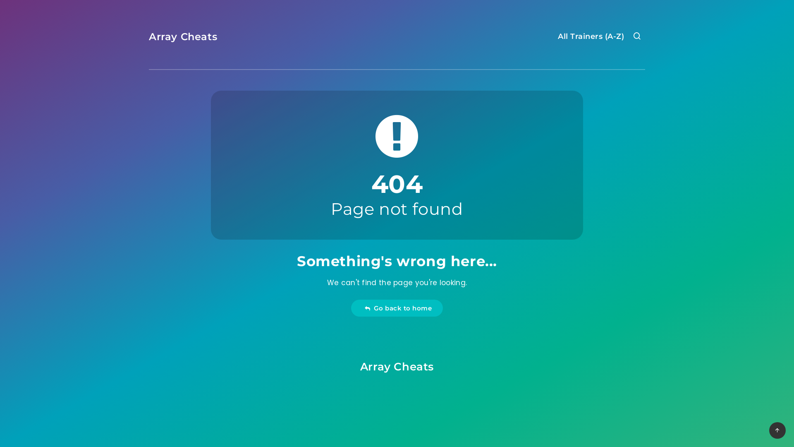  Describe the element at coordinates (360, 366) in the screenshot. I see `'Array Cheats'` at that location.